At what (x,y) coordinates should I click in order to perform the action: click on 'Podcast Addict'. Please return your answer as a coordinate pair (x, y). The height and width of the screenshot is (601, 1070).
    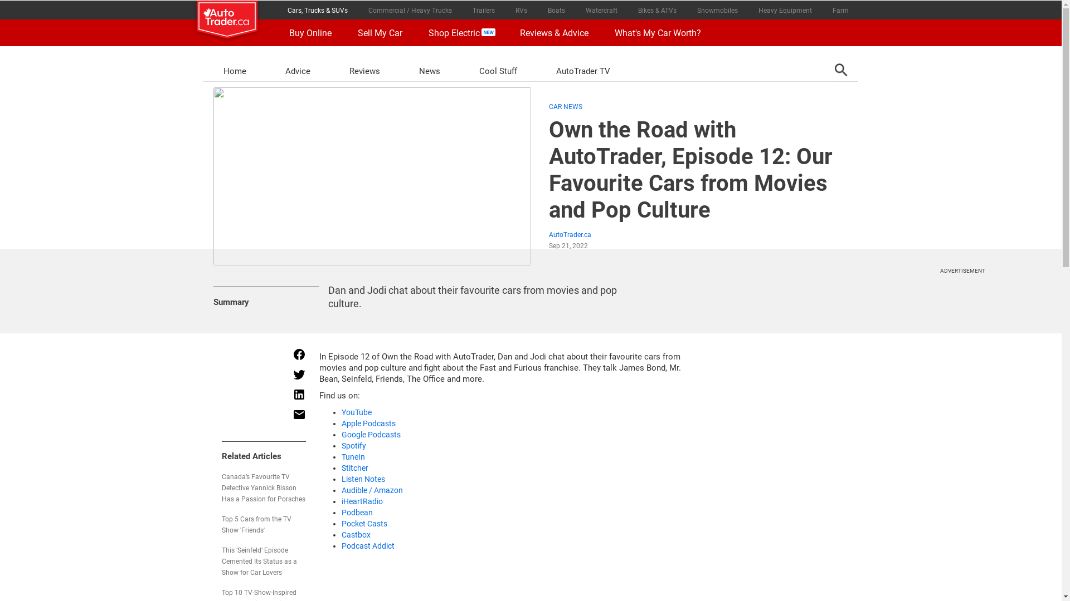
    Looking at the image, I should click on (340, 545).